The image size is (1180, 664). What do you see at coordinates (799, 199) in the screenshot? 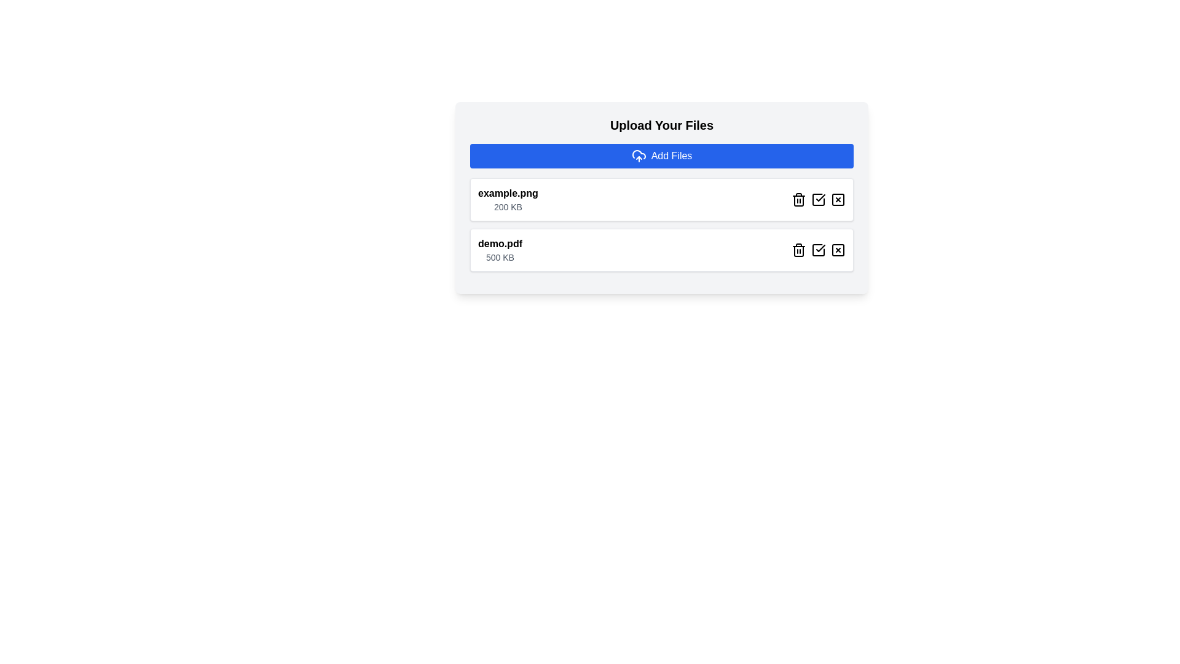
I see `the trash icon button located in the horizontal action button bar` at bounding box center [799, 199].